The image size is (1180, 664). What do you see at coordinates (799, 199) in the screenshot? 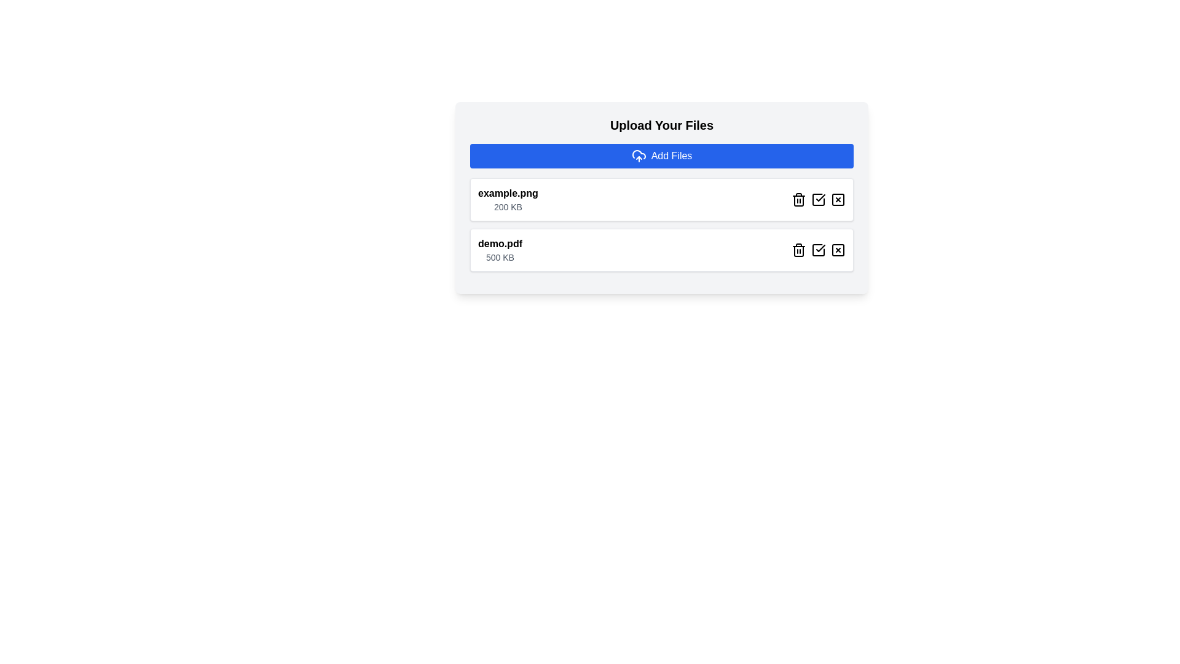
I see `the trash icon button located in the horizontal action button bar` at bounding box center [799, 199].